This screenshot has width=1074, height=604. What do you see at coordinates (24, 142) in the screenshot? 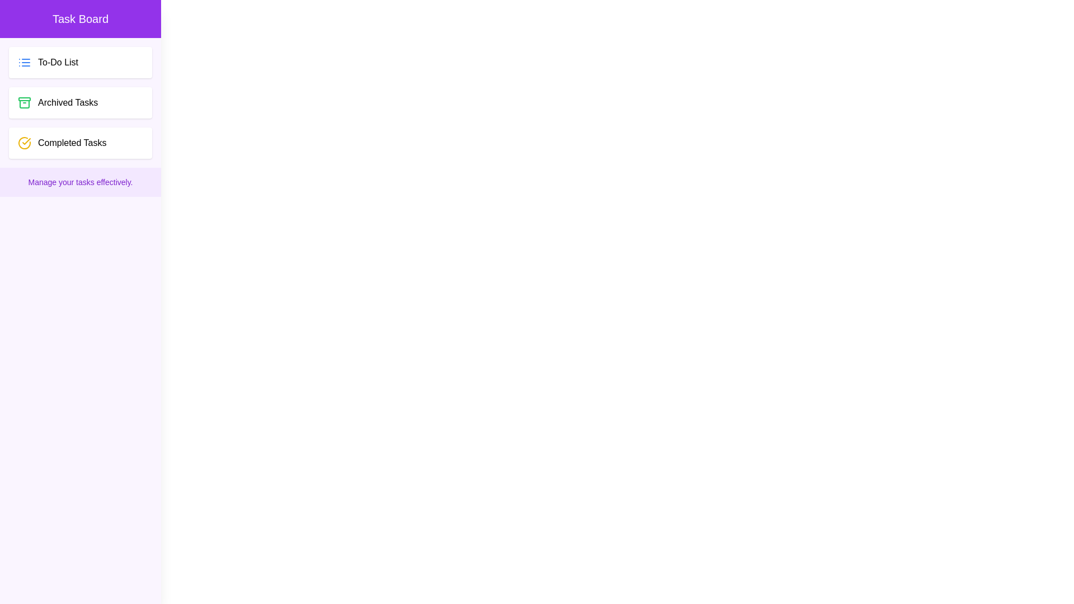
I see `the decorative icon next to the Completed Tasks task category` at bounding box center [24, 142].